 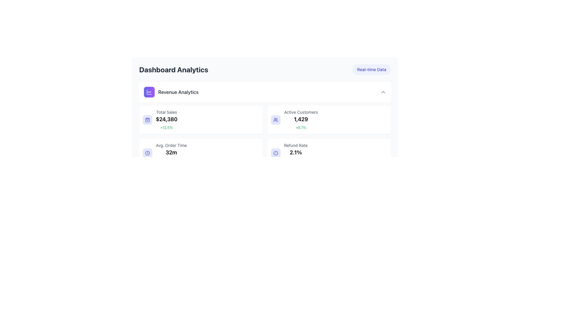 I want to click on the Text label displaying the total sales summary value within the top-left quadrant of the dashboard interface, so click(x=166, y=119).